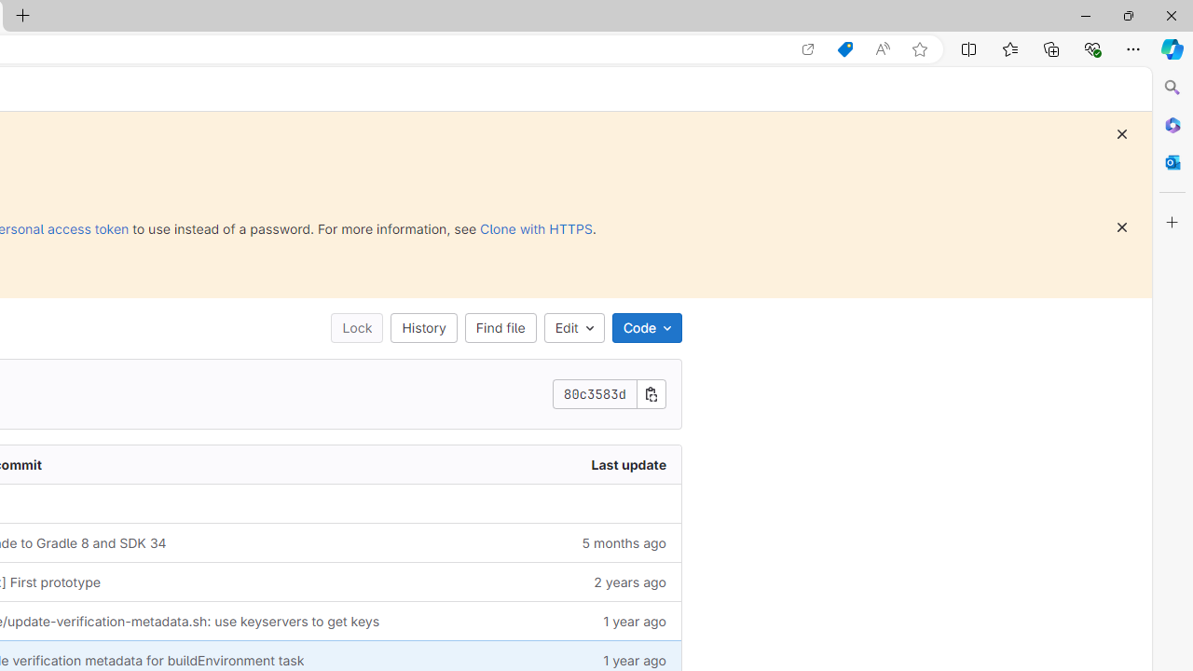 This screenshot has height=671, width=1193. I want to click on '5 months ago', so click(570, 542).